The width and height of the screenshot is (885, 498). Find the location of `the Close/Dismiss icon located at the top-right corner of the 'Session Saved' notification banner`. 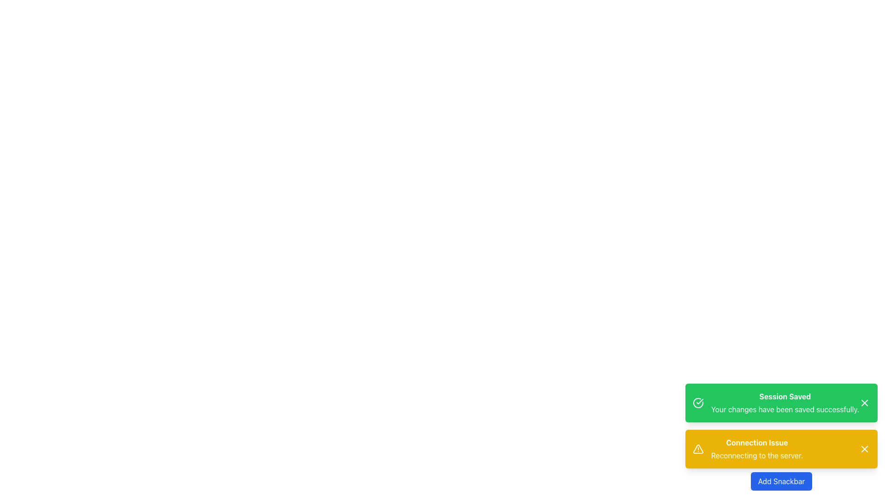

the Close/Dismiss icon located at the top-right corner of the 'Session Saved' notification banner is located at coordinates (864, 403).